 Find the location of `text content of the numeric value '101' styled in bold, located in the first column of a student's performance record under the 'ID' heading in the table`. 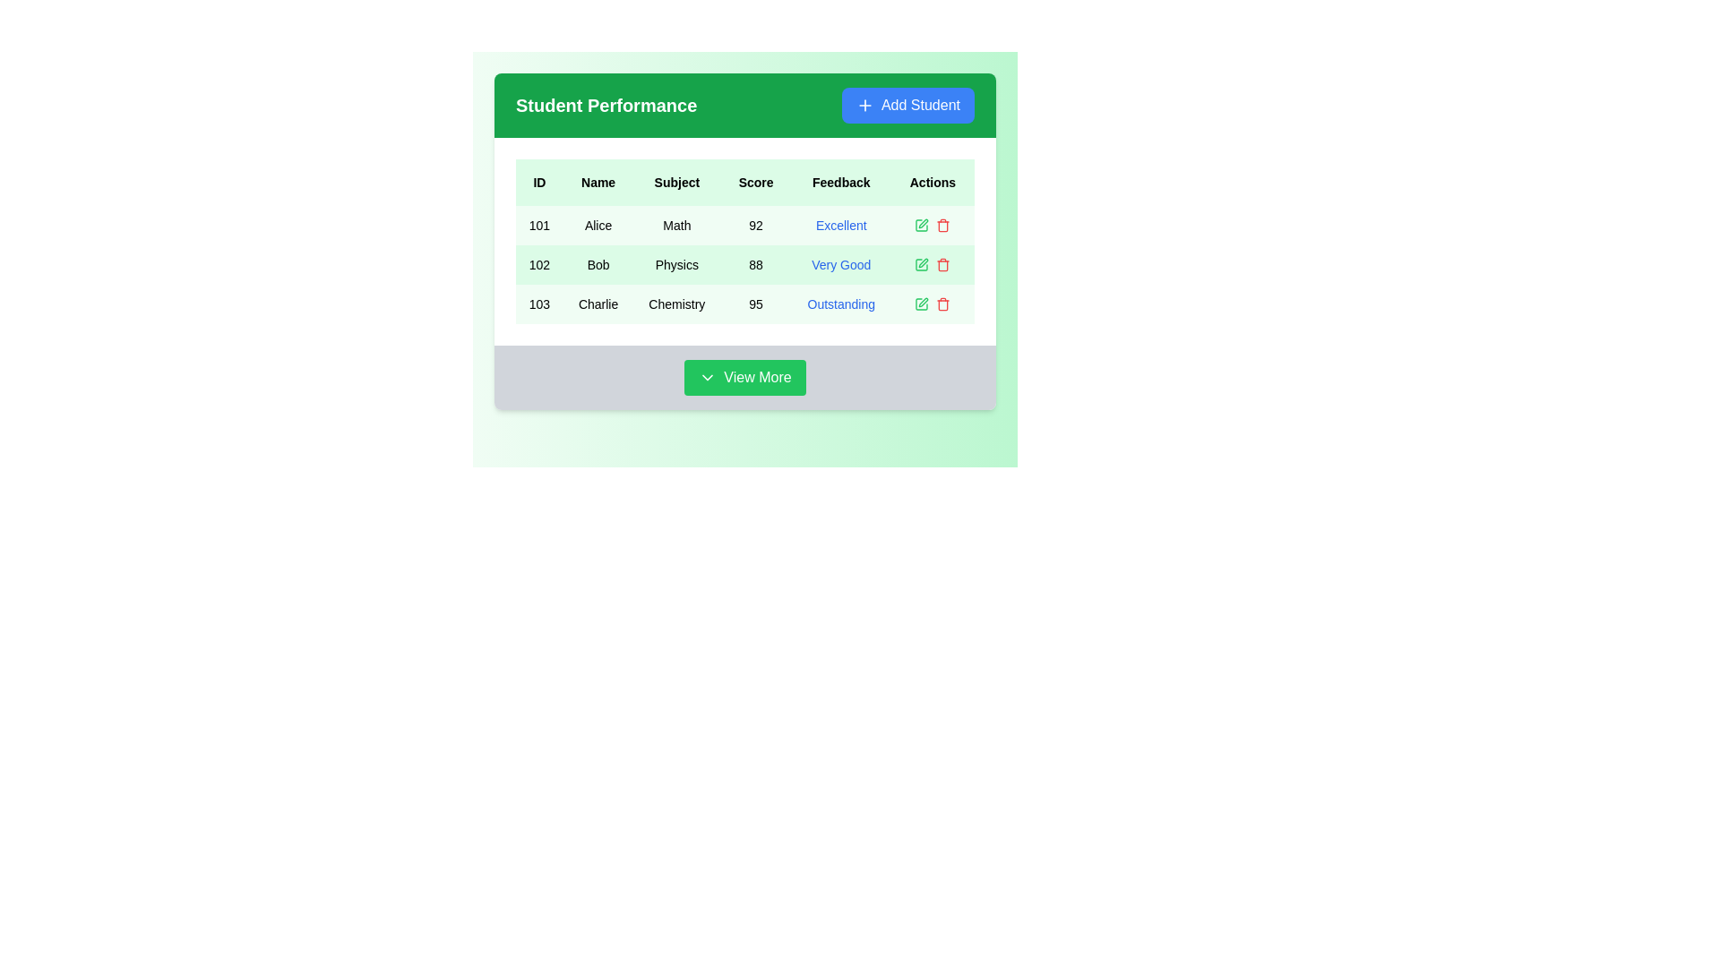

text content of the numeric value '101' styled in bold, located in the first column of a student's performance record under the 'ID' heading in the table is located at coordinates (538, 224).